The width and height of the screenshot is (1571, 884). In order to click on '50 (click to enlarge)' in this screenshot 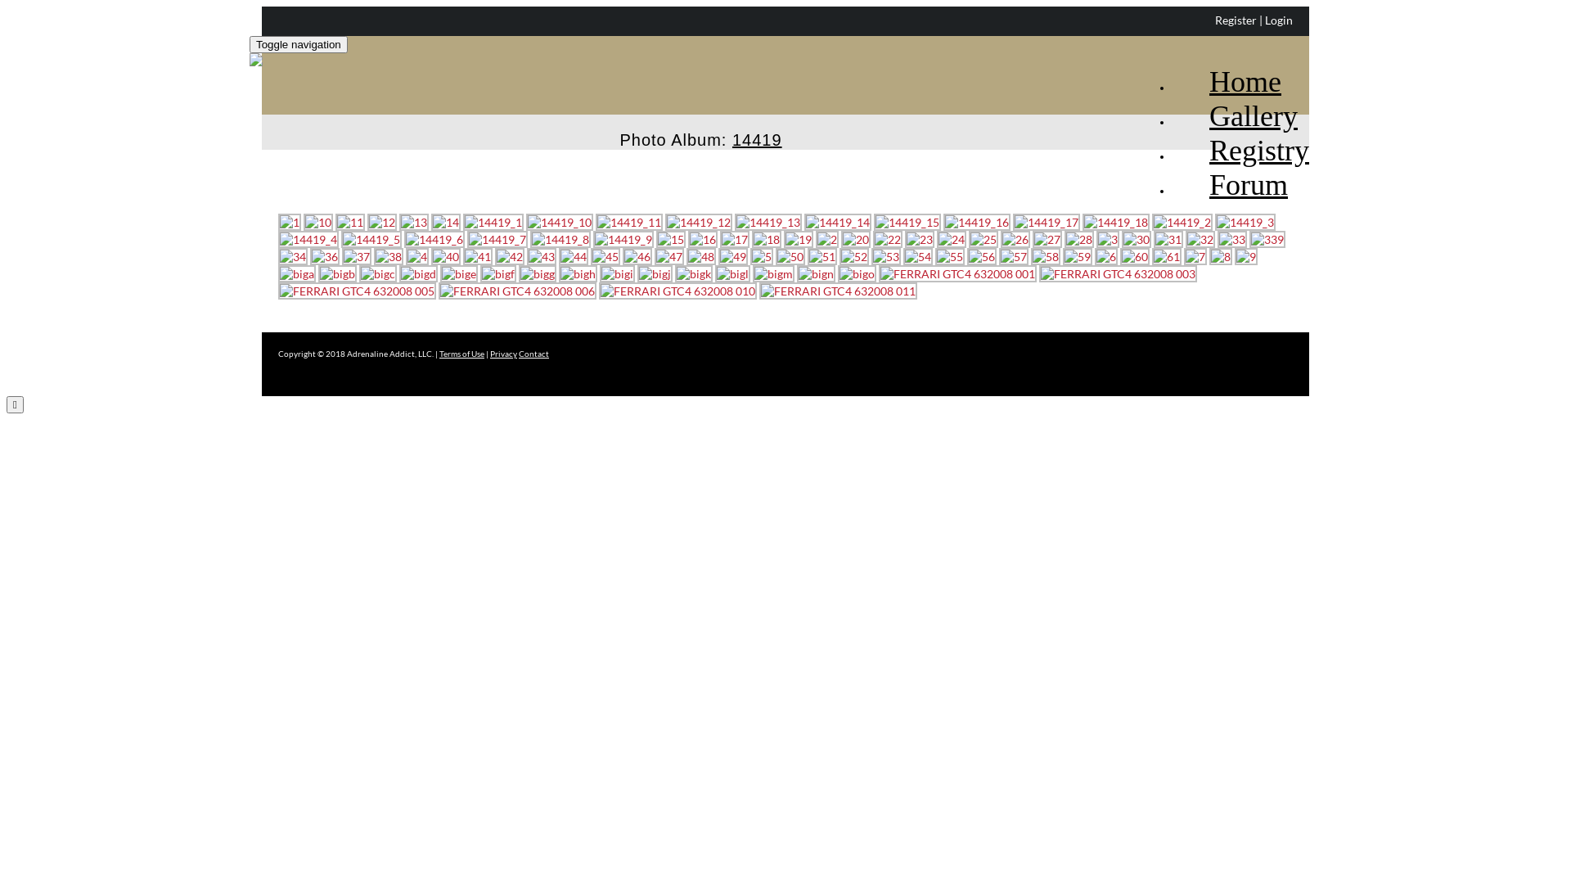, I will do `click(775, 256)`.